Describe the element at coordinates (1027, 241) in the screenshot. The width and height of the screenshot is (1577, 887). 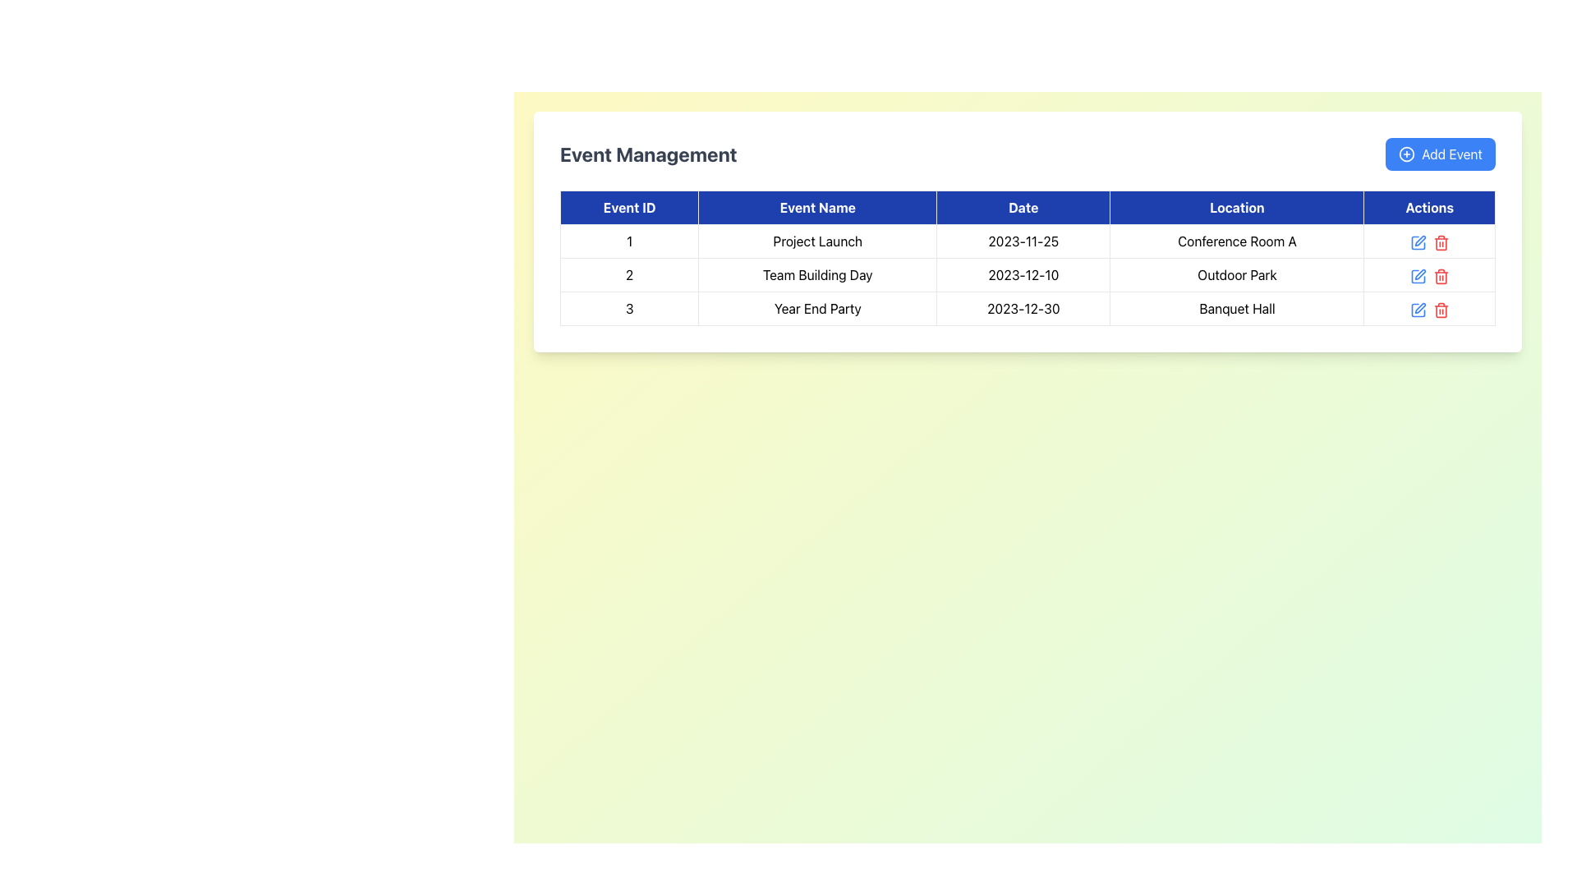
I see `the first row of the event management table, which displays details of an event` at that location.